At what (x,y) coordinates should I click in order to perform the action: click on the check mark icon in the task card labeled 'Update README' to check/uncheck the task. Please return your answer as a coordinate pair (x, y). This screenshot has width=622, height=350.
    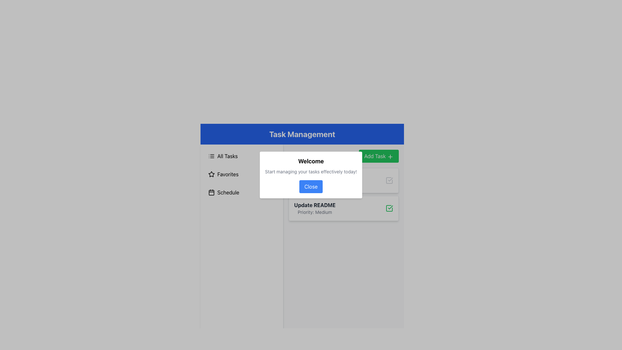
    Looking at the image, I should click on (389, 208).